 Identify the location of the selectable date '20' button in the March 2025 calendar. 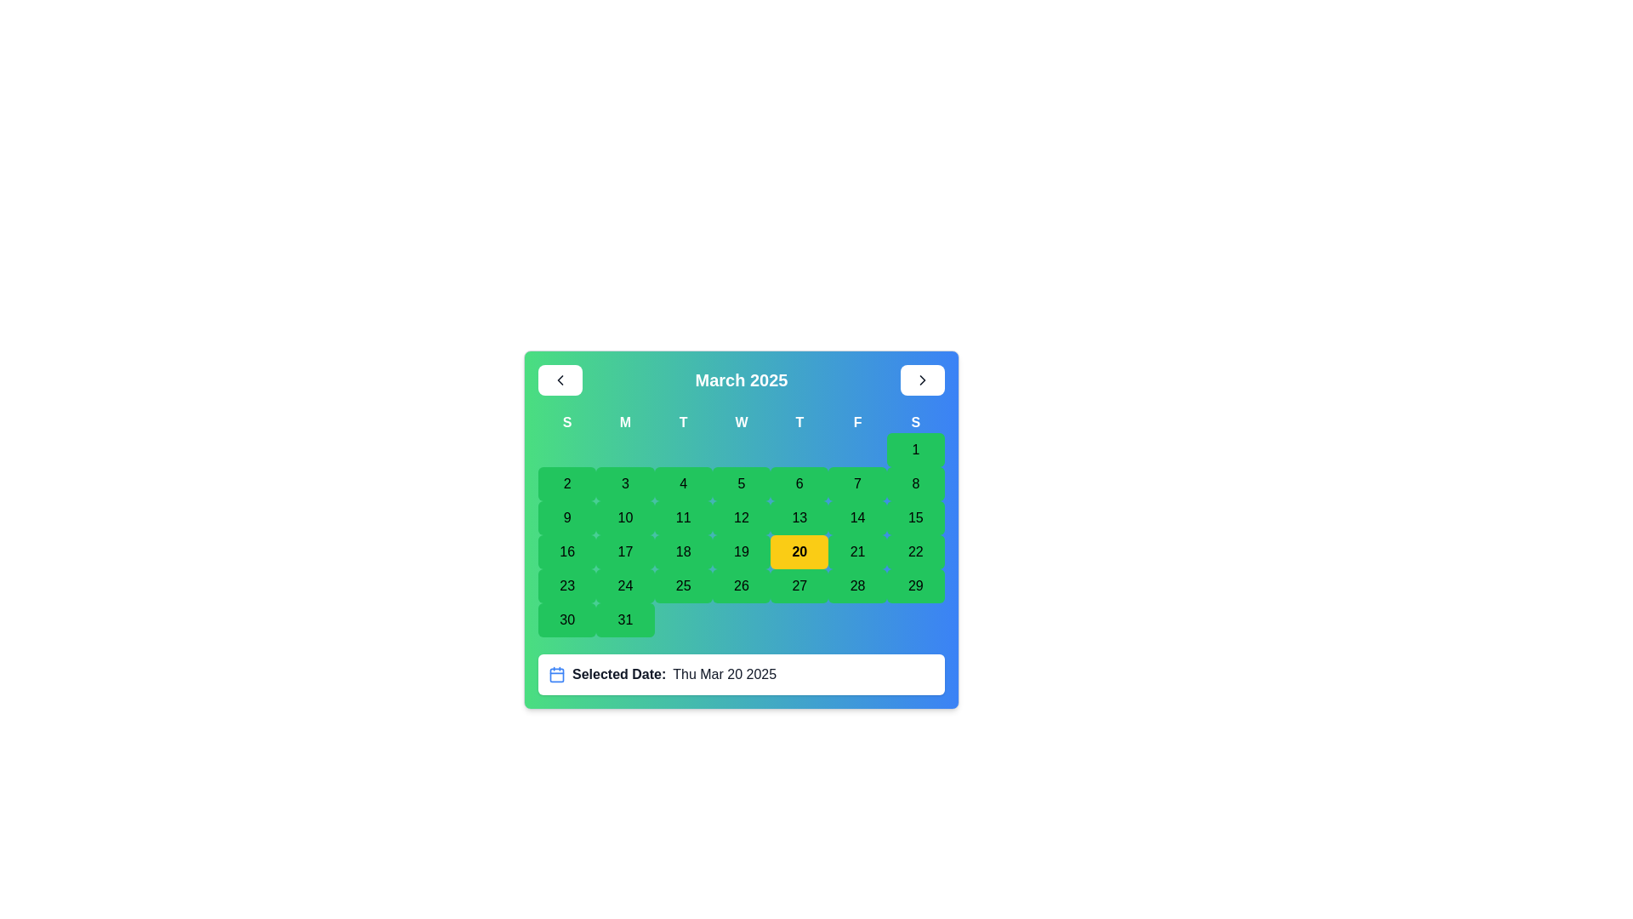
(799, 551).